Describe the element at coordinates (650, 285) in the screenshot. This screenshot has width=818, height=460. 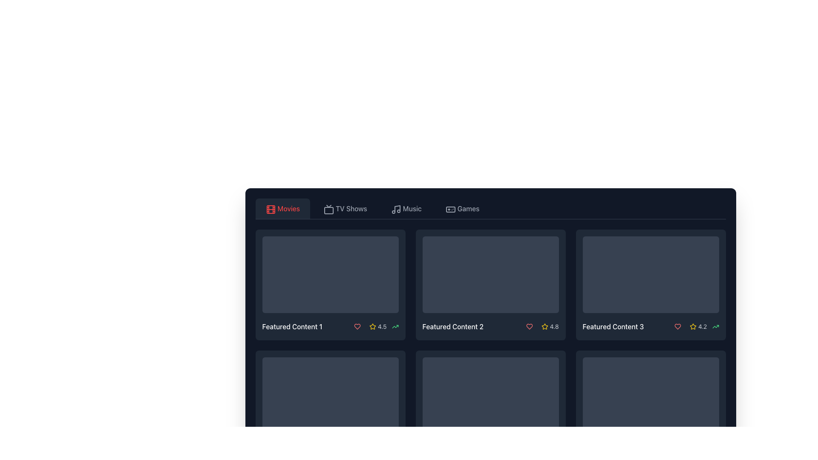
I see `the third card in the top row of the 'Movies' section` at that location.